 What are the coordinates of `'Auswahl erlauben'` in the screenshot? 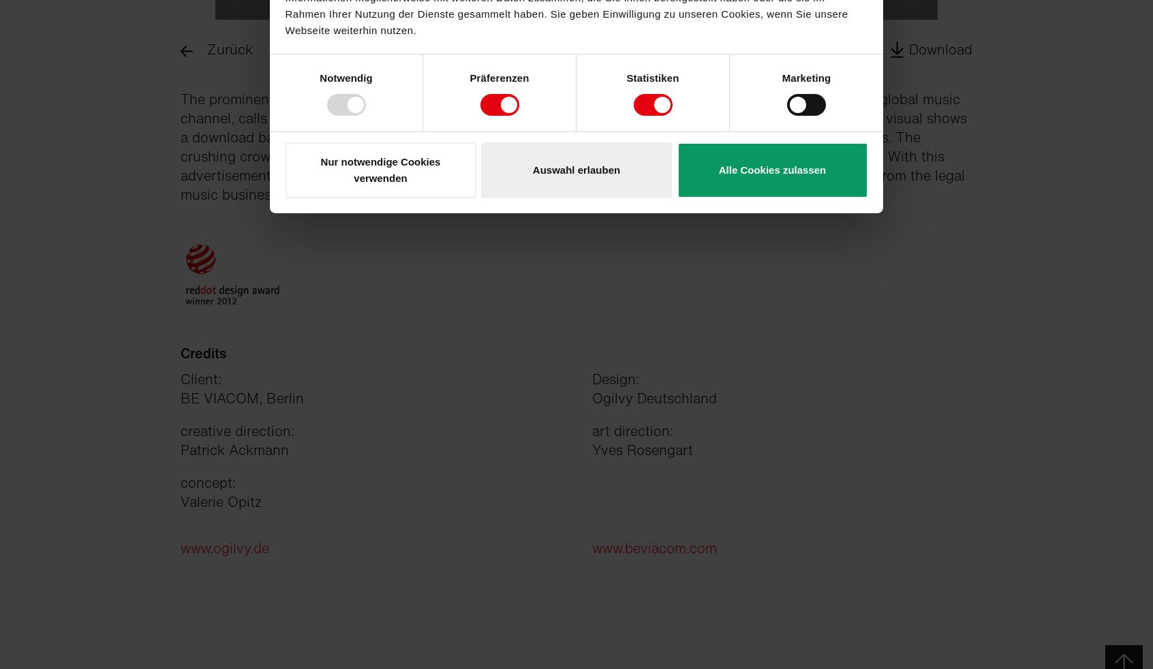 It's located at (532, 169).